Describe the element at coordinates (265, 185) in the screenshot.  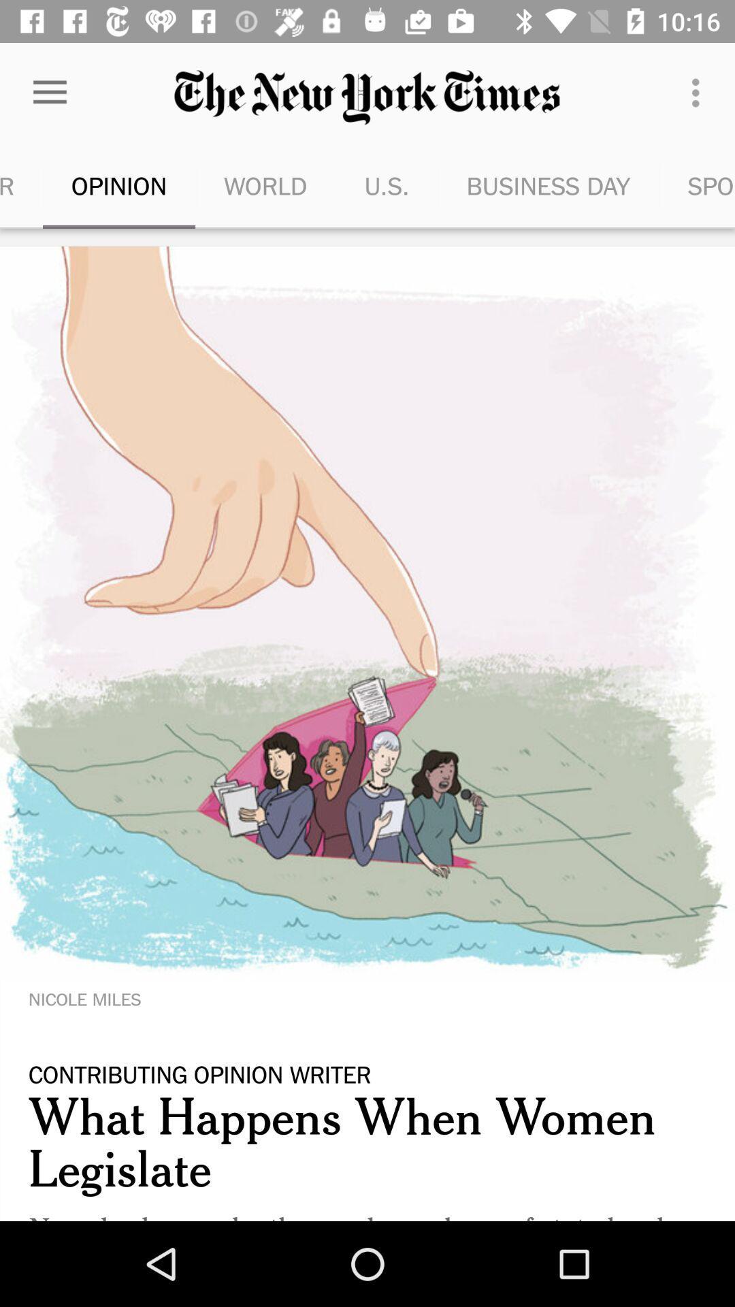
I see `the icon to the left of the u.s. icon` at that location.